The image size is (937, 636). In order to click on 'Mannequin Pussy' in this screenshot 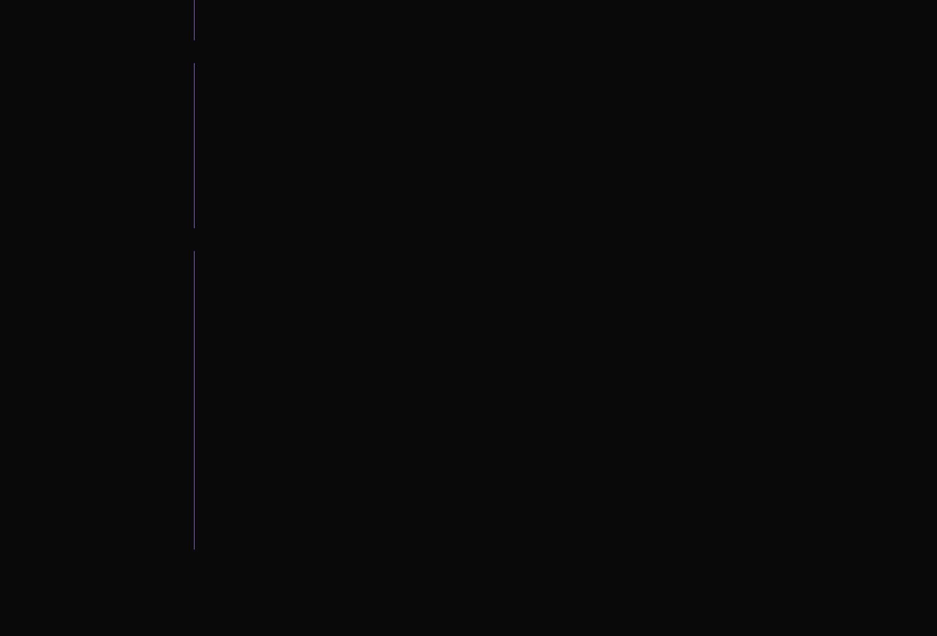, I will do `click(206, 109)`.